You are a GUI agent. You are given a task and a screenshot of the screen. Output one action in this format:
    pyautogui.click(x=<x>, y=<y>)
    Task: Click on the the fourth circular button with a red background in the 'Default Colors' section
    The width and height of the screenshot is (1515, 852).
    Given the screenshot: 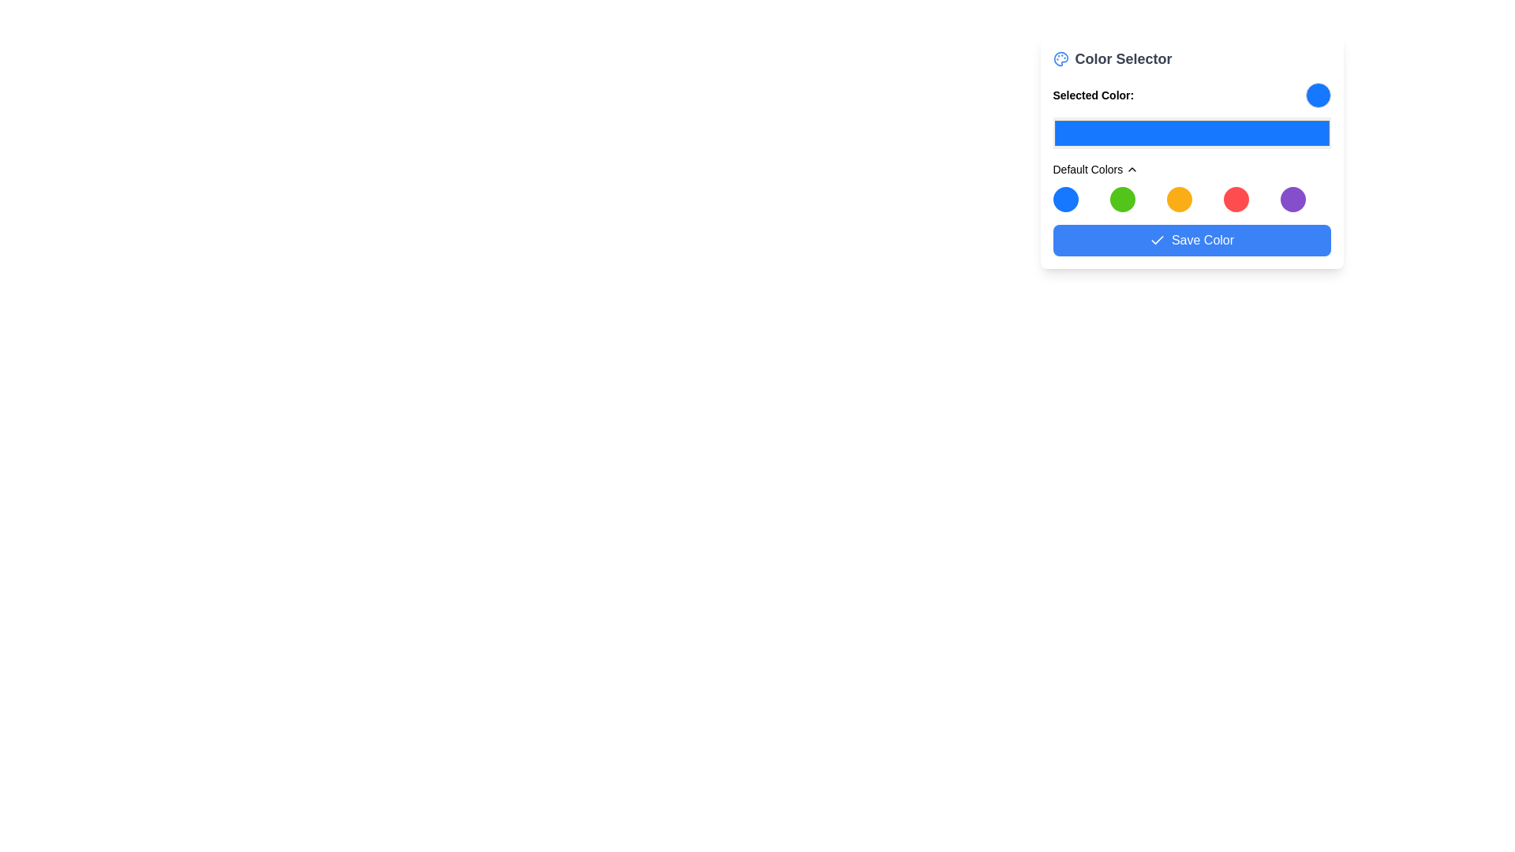 What is the action you would take?
    pyautogui.click(x=1235, y=199)
    